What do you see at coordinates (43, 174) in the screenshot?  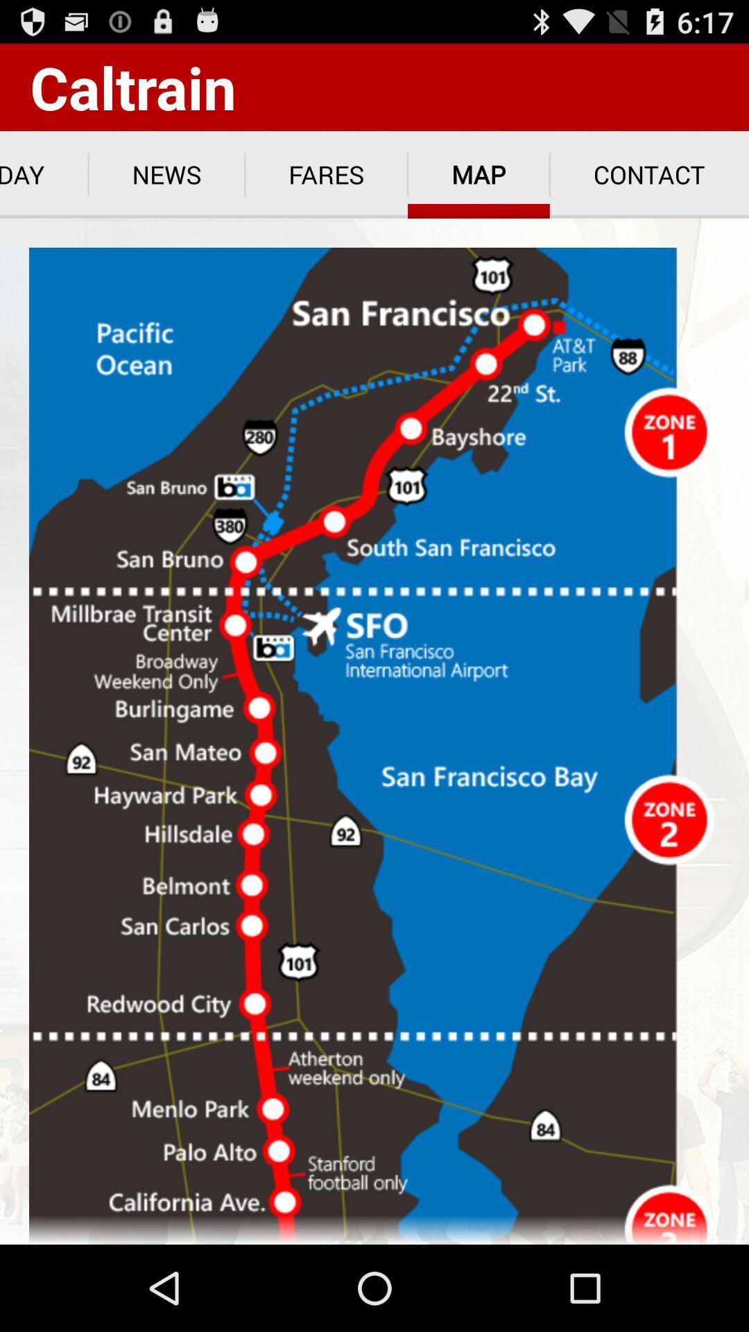 I see `icon next to the news icon` at bounding box center [43, 174].